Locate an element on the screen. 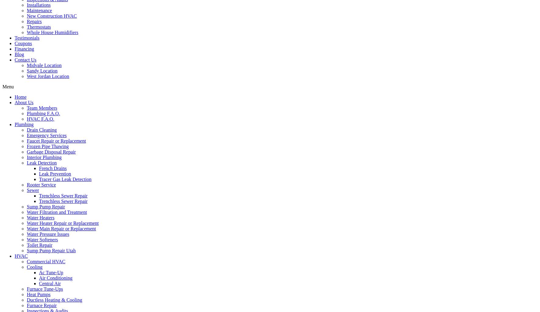 The image size is (540, 312). 'Testimonials' is located at coordinates (27, 37).